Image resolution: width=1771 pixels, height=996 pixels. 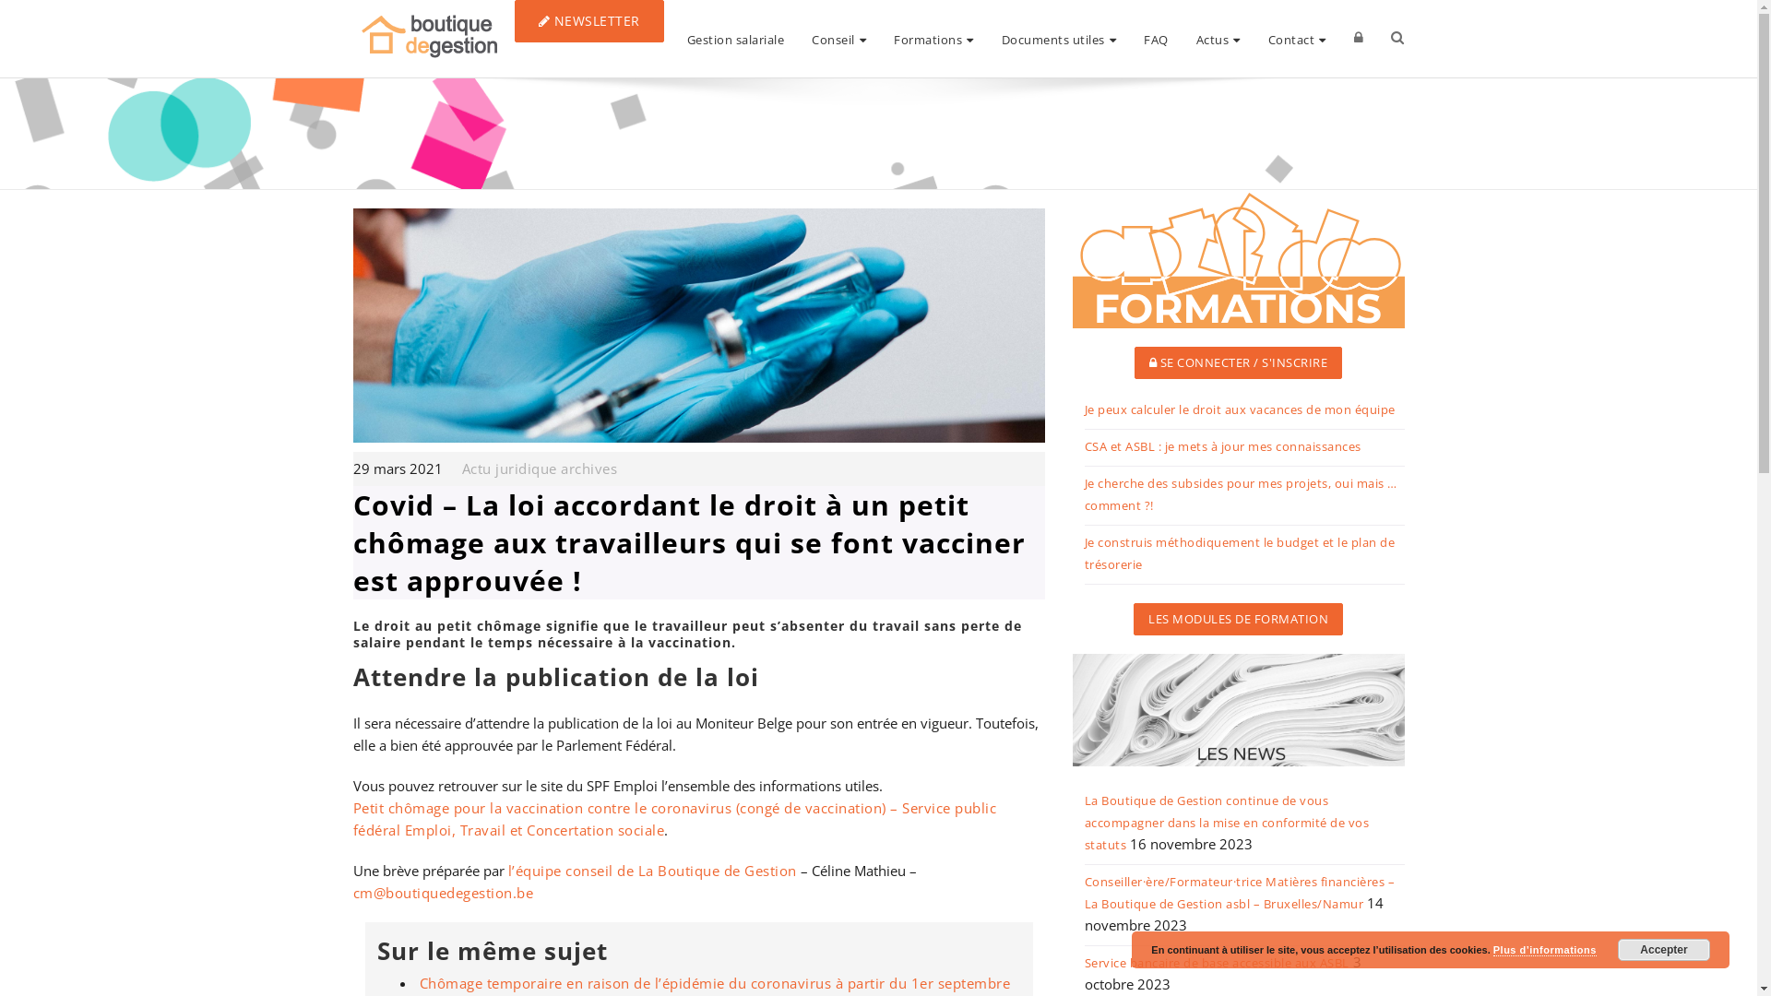 I want to click on 'Conseil', so click(x=838, y=39).